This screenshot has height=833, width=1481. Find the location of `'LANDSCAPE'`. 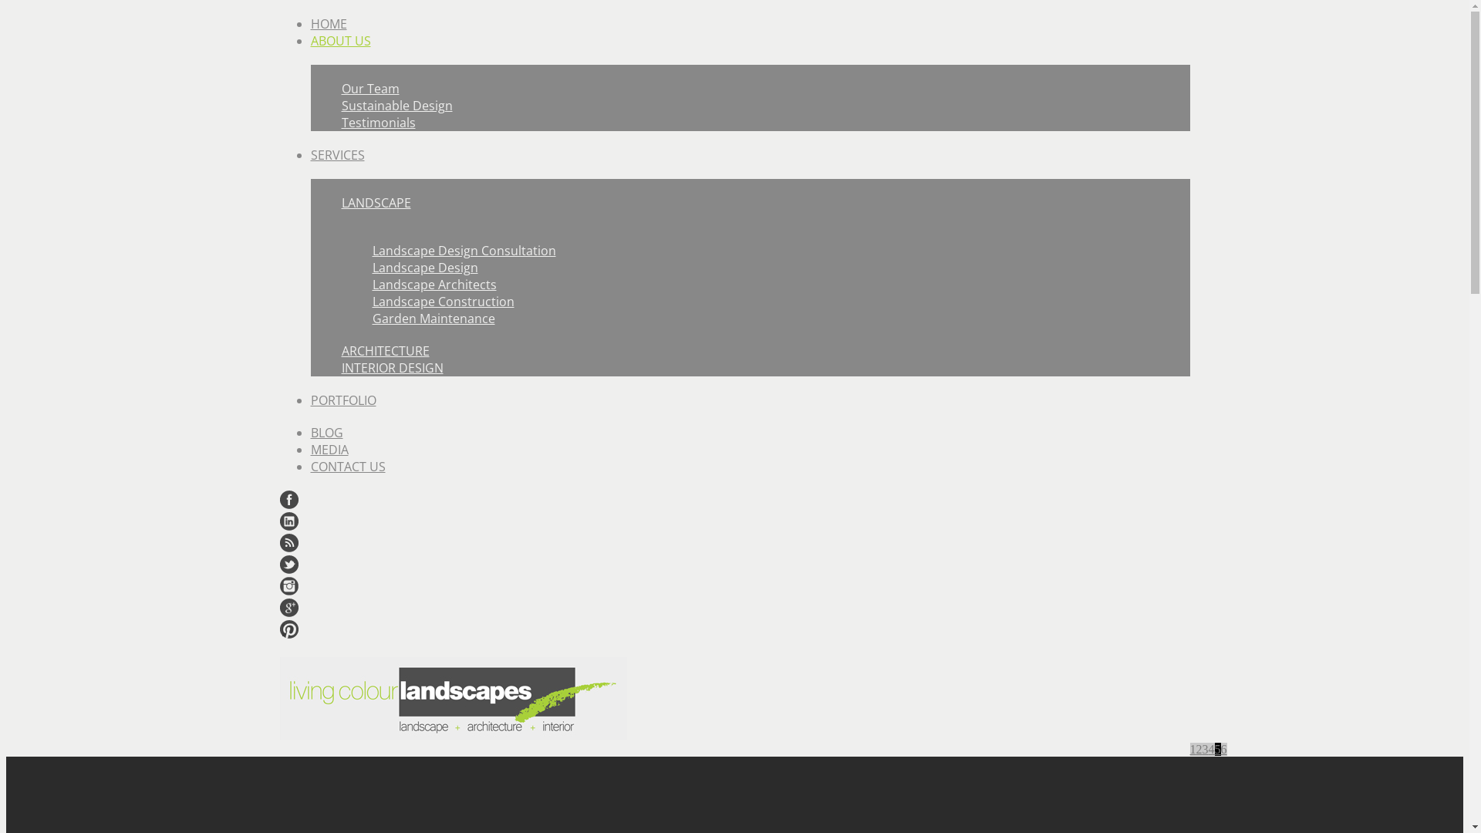

'LANDSCAPE' is located at coordinates (375, 201).